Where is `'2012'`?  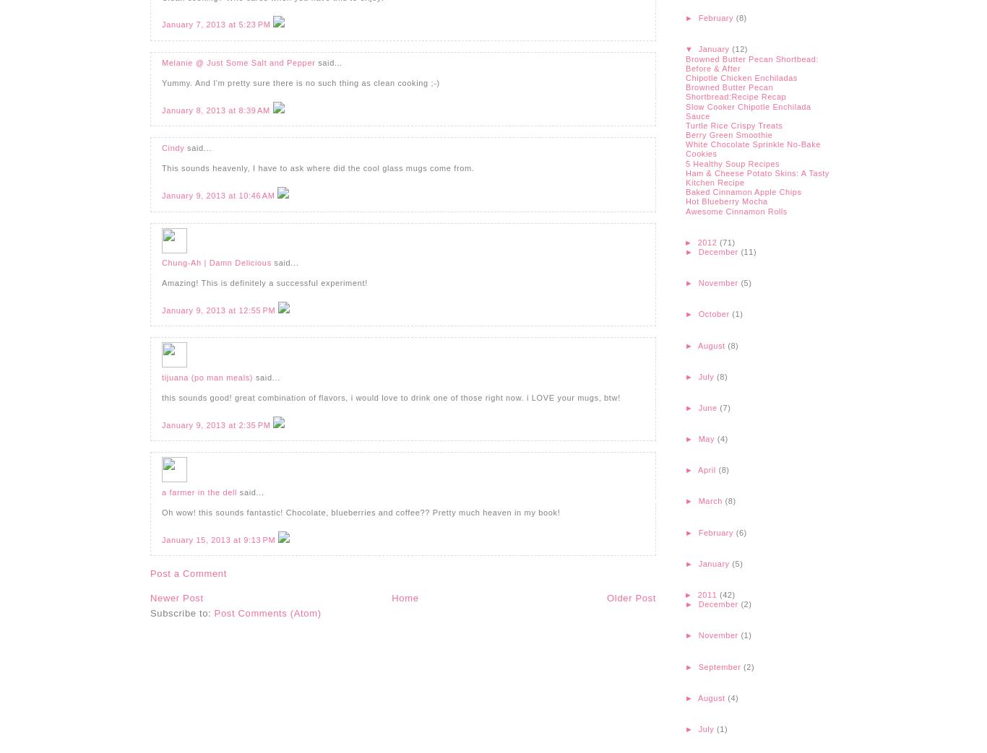
'2012' is located at coordinates (707, 241).